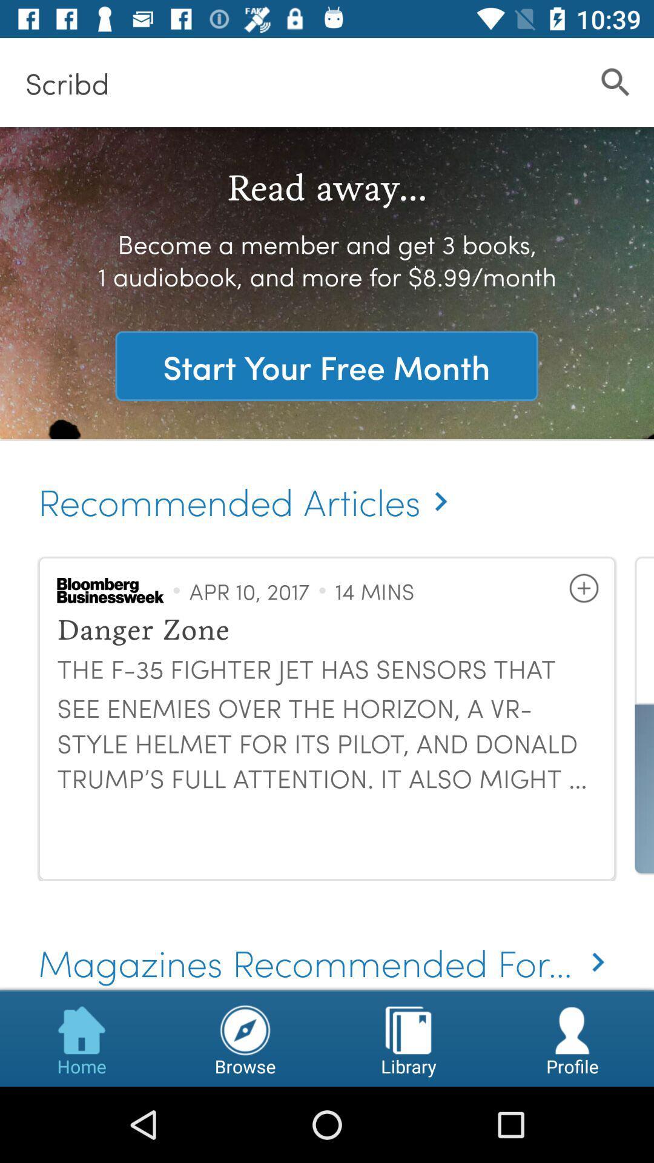  I want to click on icon below become a member, so click(326, 365).